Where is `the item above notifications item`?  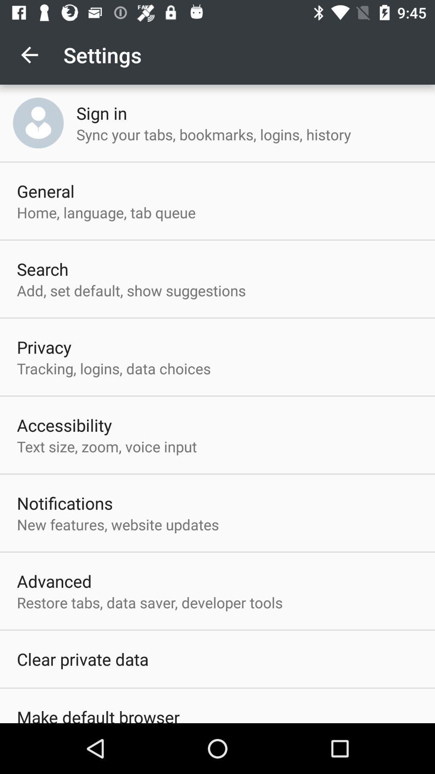
the item above notifications item is located at coordinates (106, 446).